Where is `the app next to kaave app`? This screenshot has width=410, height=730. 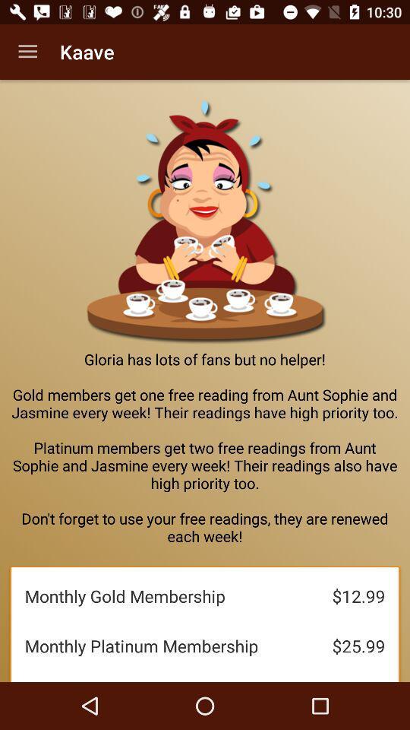 the app next to kaave app is located at coordinates (27, 52).